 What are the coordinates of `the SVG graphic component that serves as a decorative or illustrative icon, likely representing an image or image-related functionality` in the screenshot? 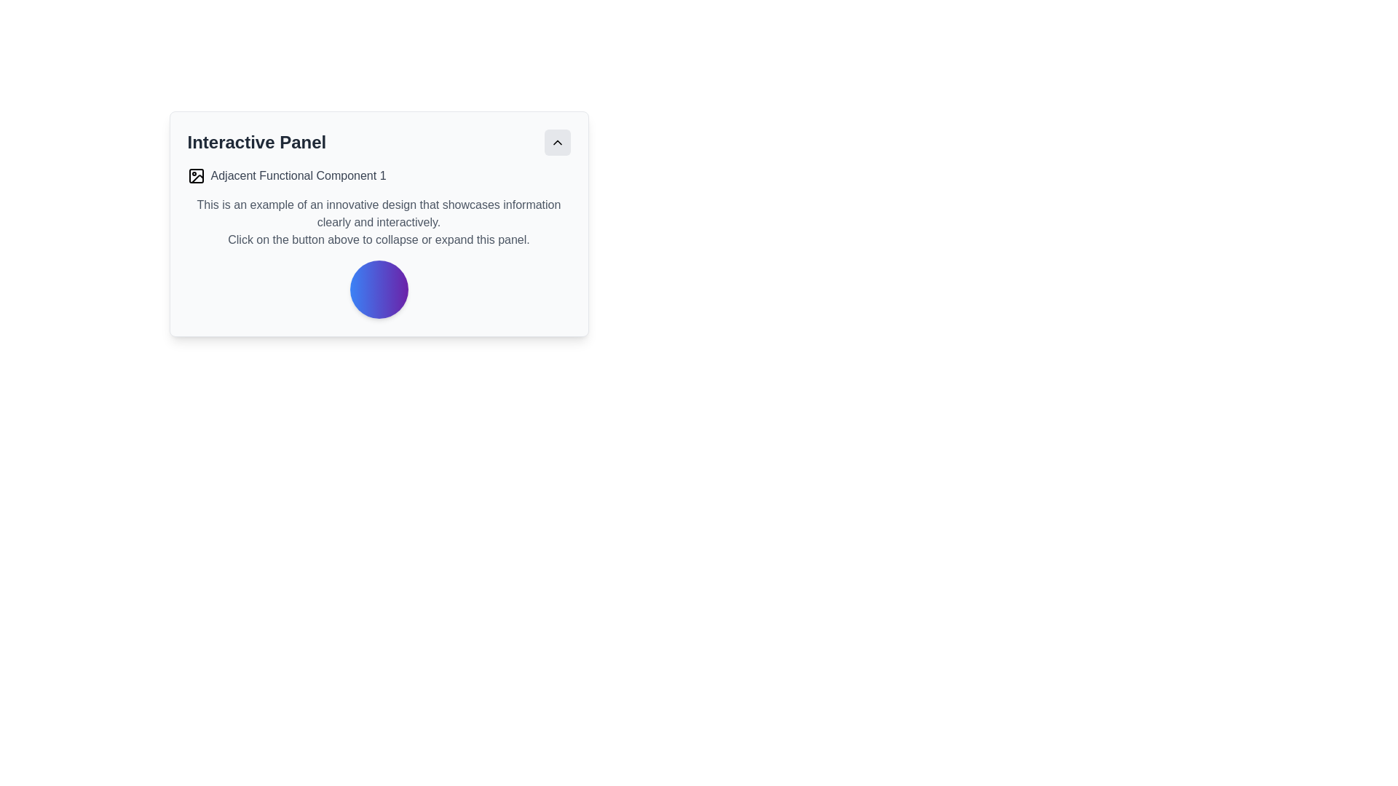 It's located at (195, 175).